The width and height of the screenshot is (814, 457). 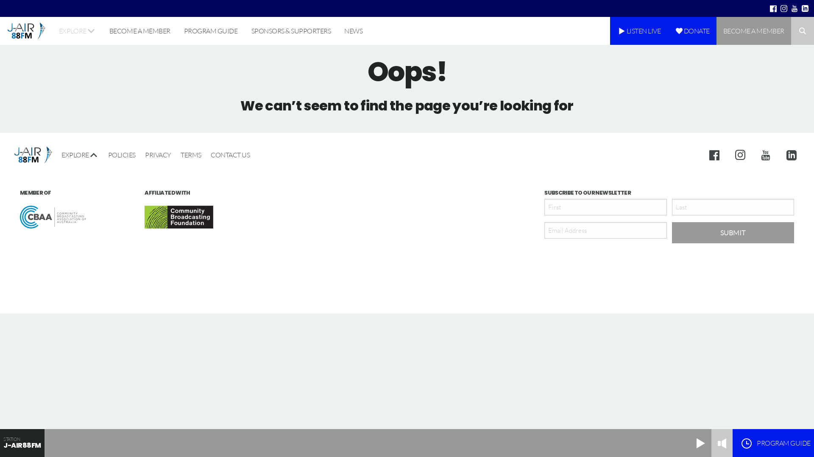 What do you see at coordinates (77, 30) in the screenshot?
I see `'EXPLORE'` at bounding box center [77, 30].